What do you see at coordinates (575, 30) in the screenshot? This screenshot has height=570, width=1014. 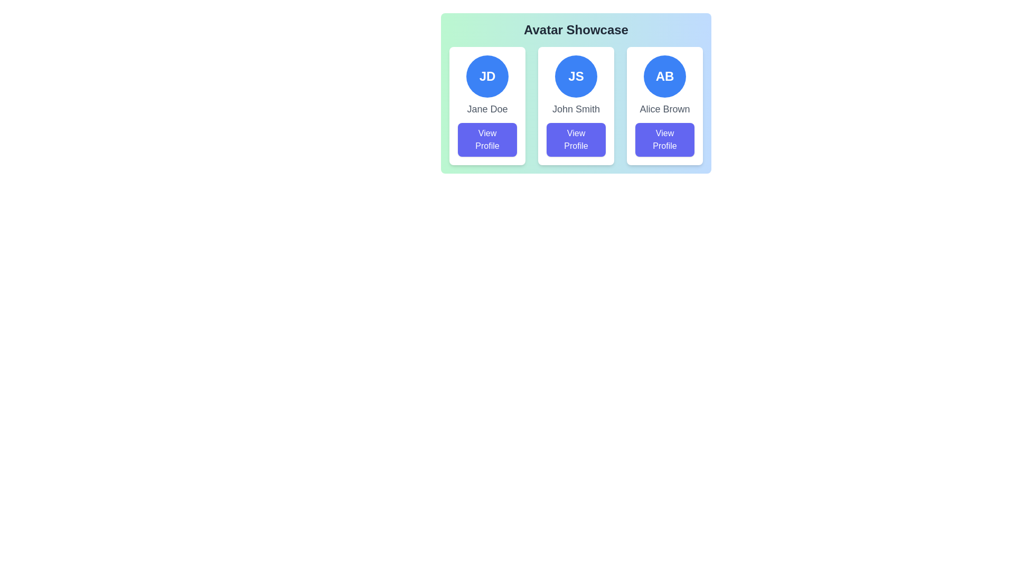 I see `the text header labeled 'Avatar Showcase', which is styled in bold and is positioned at the top-center of the card-shaped panel` at bounding box center [575, 30].